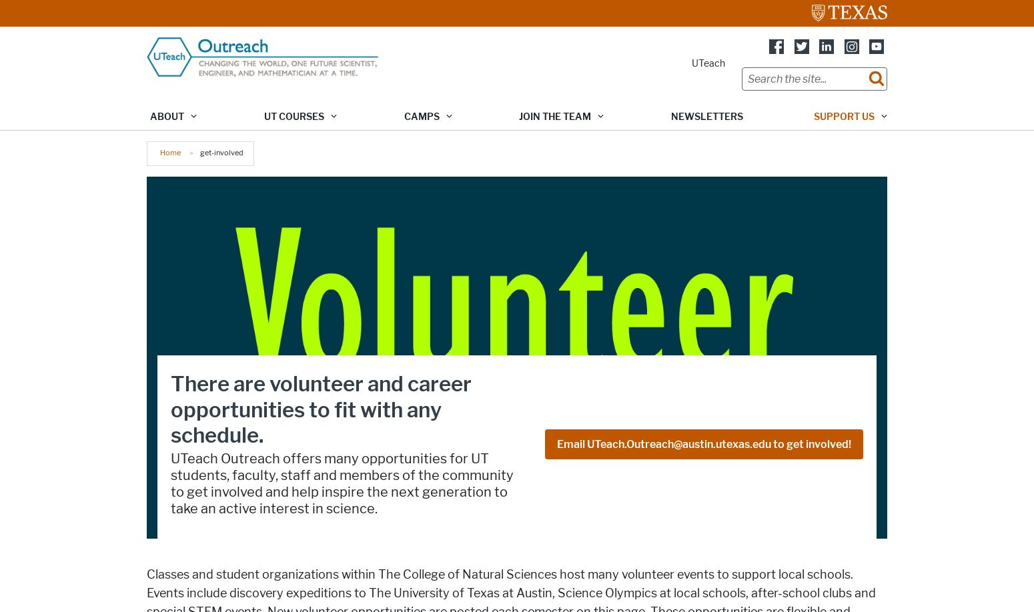  I want to click on 'UTeach', so click(708, 63).